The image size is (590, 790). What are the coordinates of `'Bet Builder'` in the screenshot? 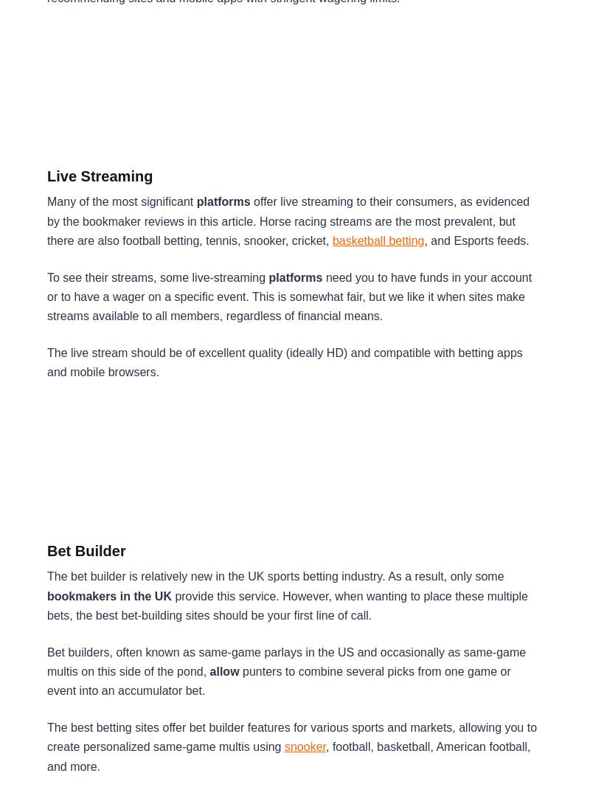 It's located at (85, 551).